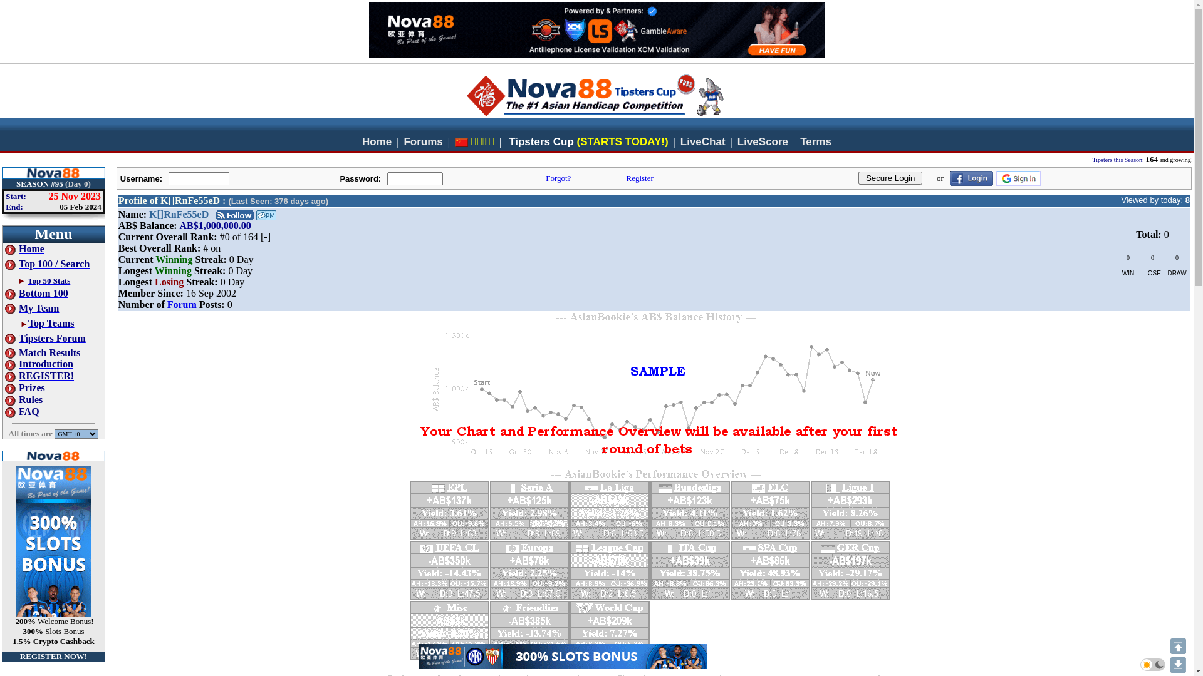 This screenshot has height=676, width=1203. What do you see at coordinates (1177, 664) in the screenshot?
I see `'Go to bottom'` at bounding box center [1177, 664].